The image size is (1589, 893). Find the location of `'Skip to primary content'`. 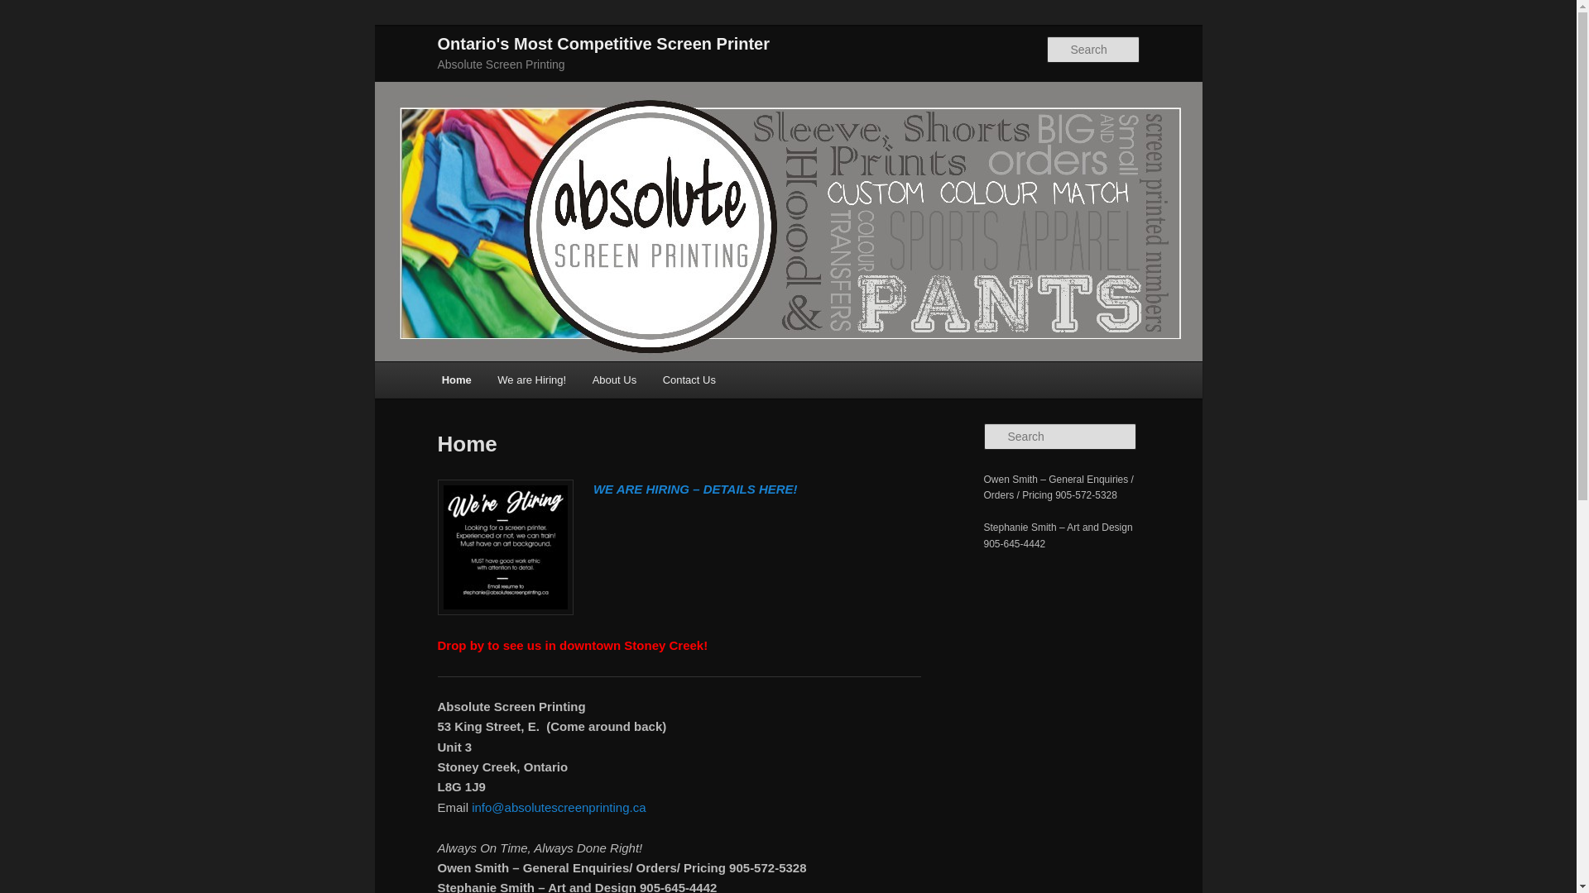

'Skip to primary content' is located at coordinates (87, 35).